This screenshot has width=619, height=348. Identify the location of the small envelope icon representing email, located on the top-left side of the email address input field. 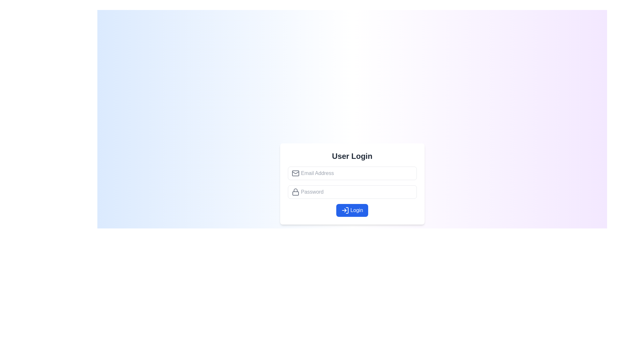
(295, 173).